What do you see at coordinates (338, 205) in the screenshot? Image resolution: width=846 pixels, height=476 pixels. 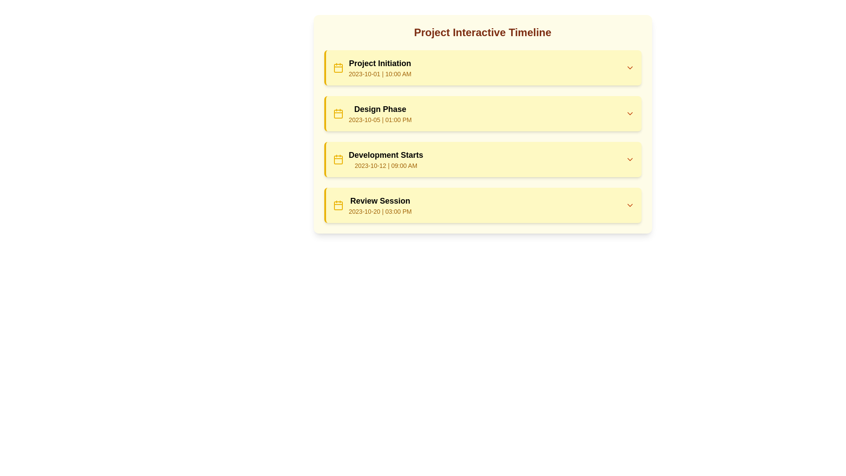 I see `the yellow calendar icon located to the left of the 'Review Session' text in the 'Project Interactive Timeline' section` at bounding box center [338, 205].